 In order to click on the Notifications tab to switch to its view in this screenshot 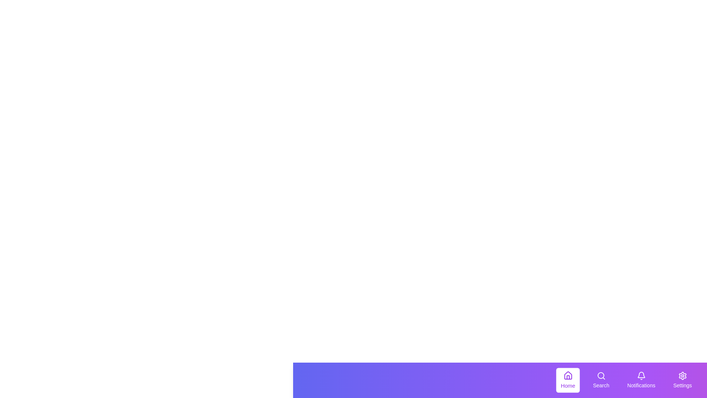, I will do `click(641, 380)`.